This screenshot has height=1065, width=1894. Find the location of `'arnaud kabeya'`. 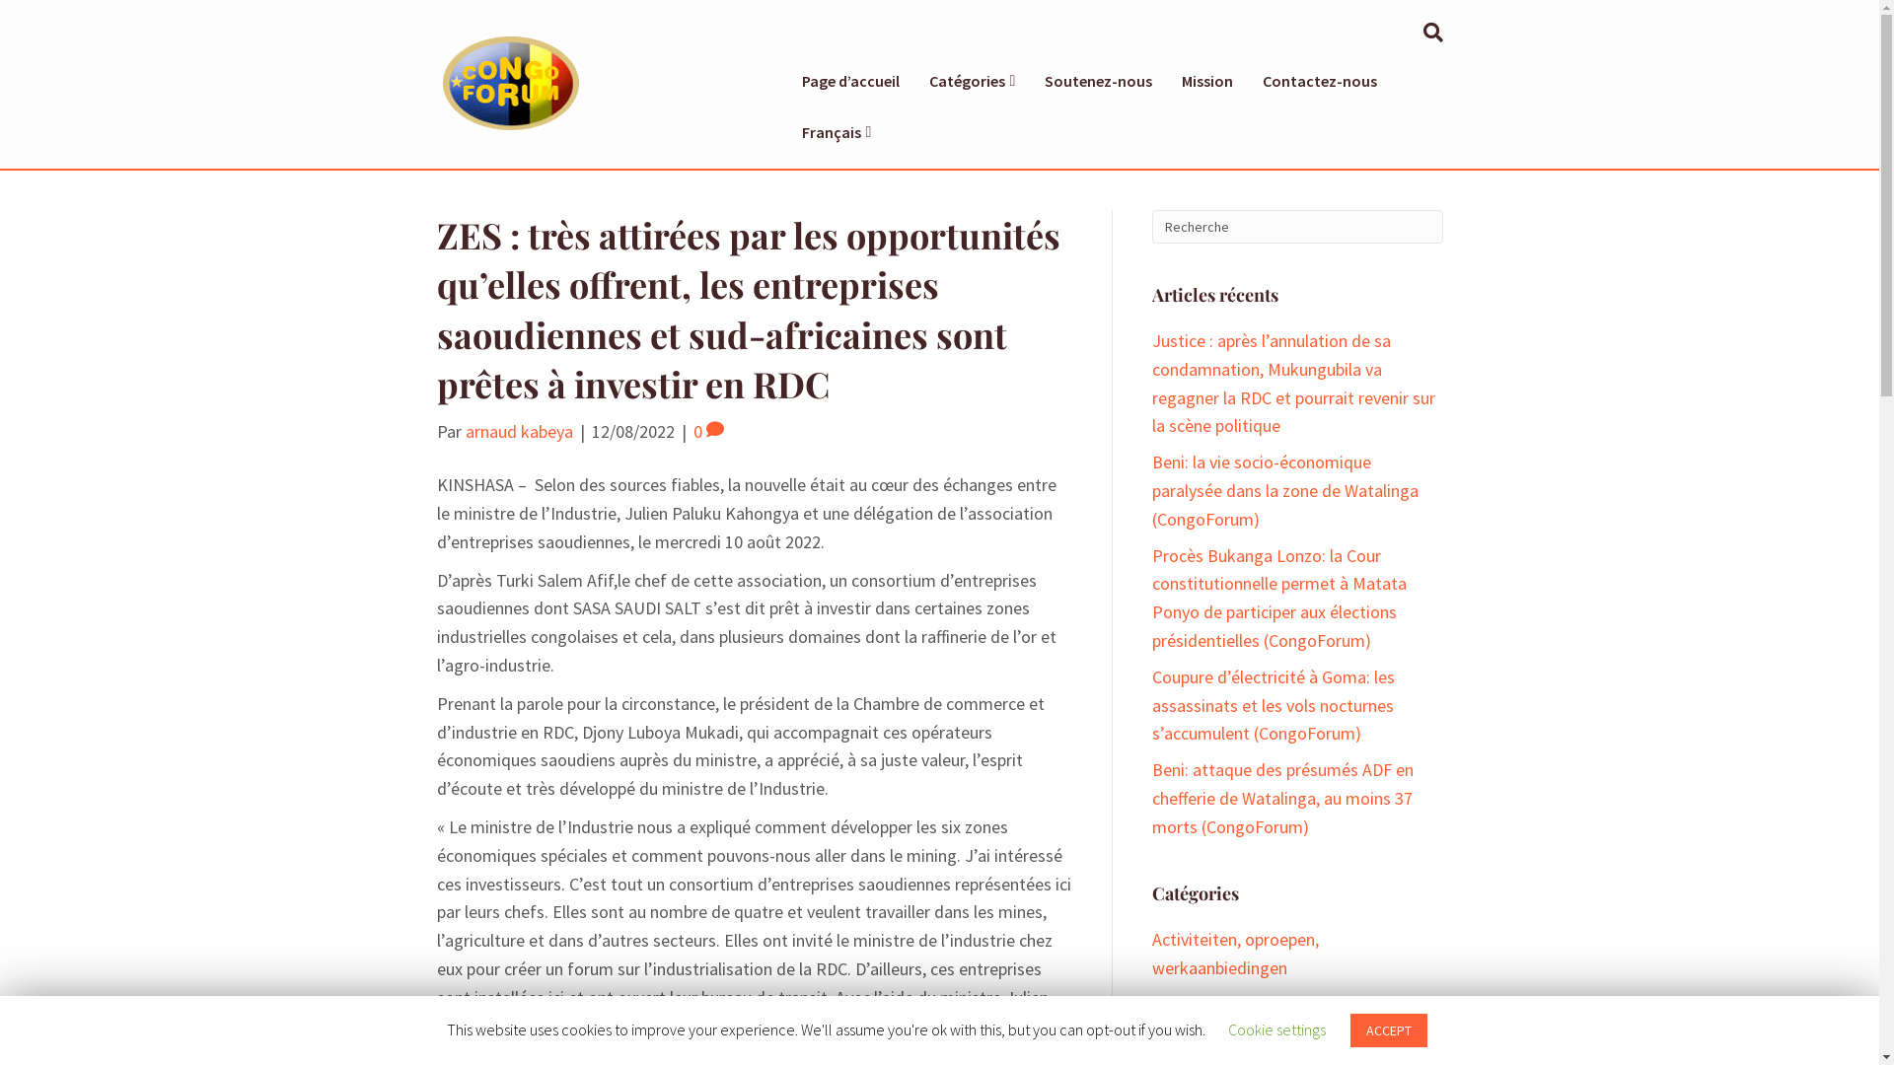

'arnaud kabeya' is located at coordinates (464, 430).